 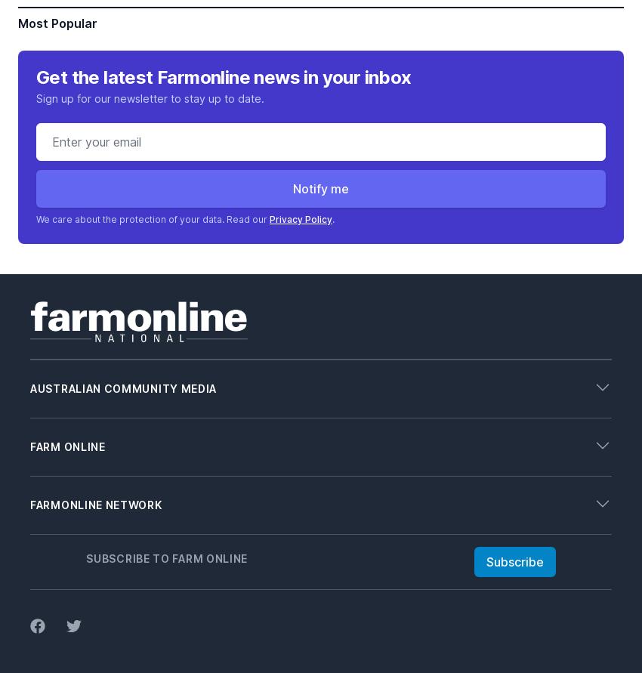 I want to click on 'Most Popular', so click(x=57, y=23).